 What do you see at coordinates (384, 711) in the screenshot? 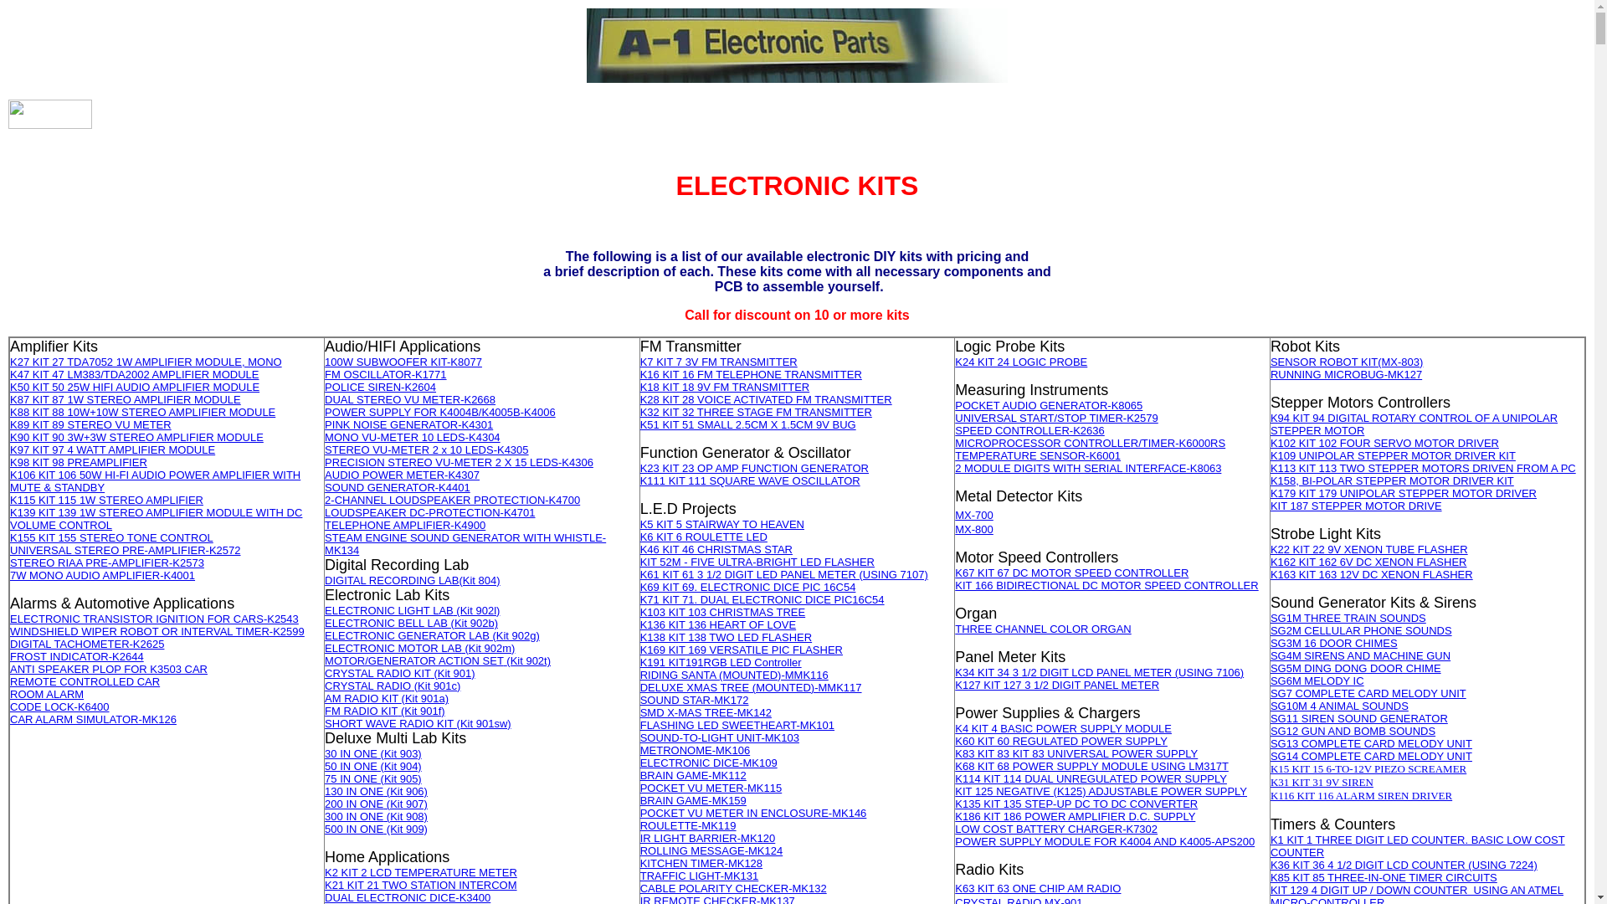
I see `'FM RADIO KIT (Kit 901f)'` at bounding box center [384, 711].